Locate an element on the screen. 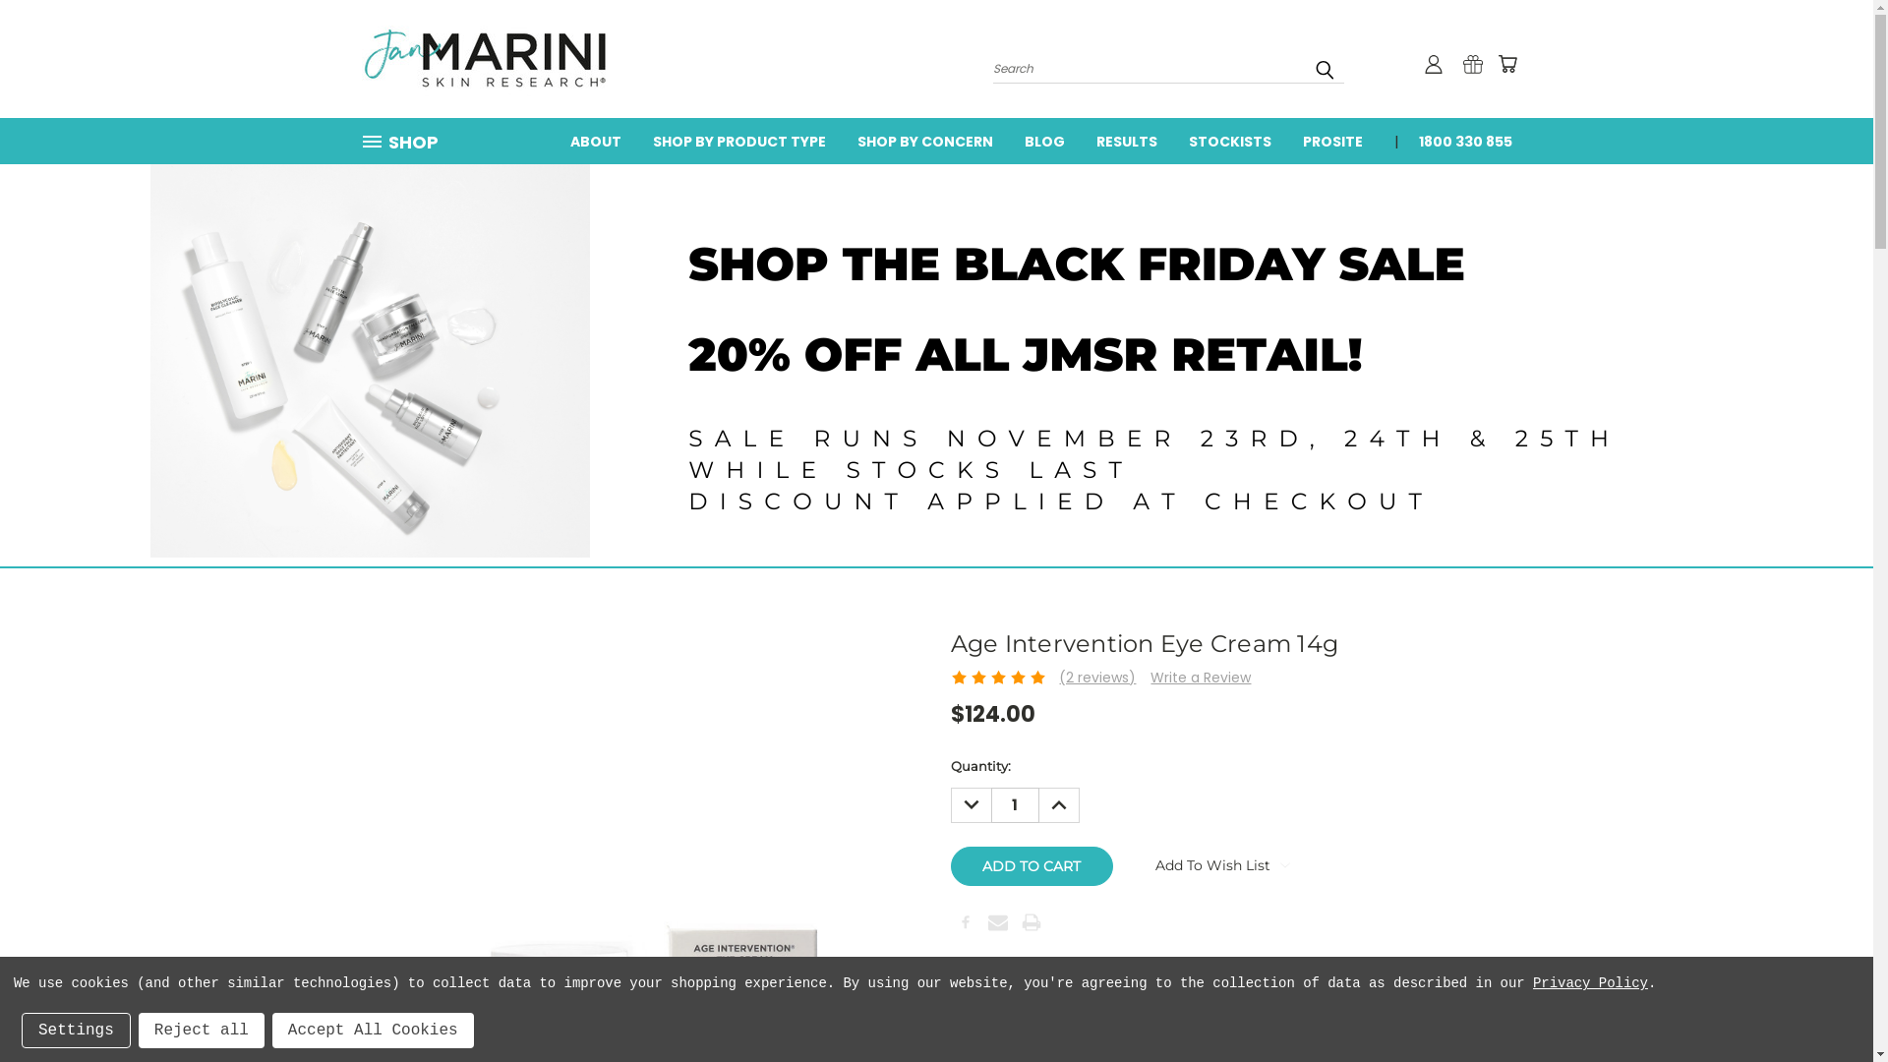 This screenshot has height=1062, width=1888. 'Settings' is located at coordinates (76, 1030).